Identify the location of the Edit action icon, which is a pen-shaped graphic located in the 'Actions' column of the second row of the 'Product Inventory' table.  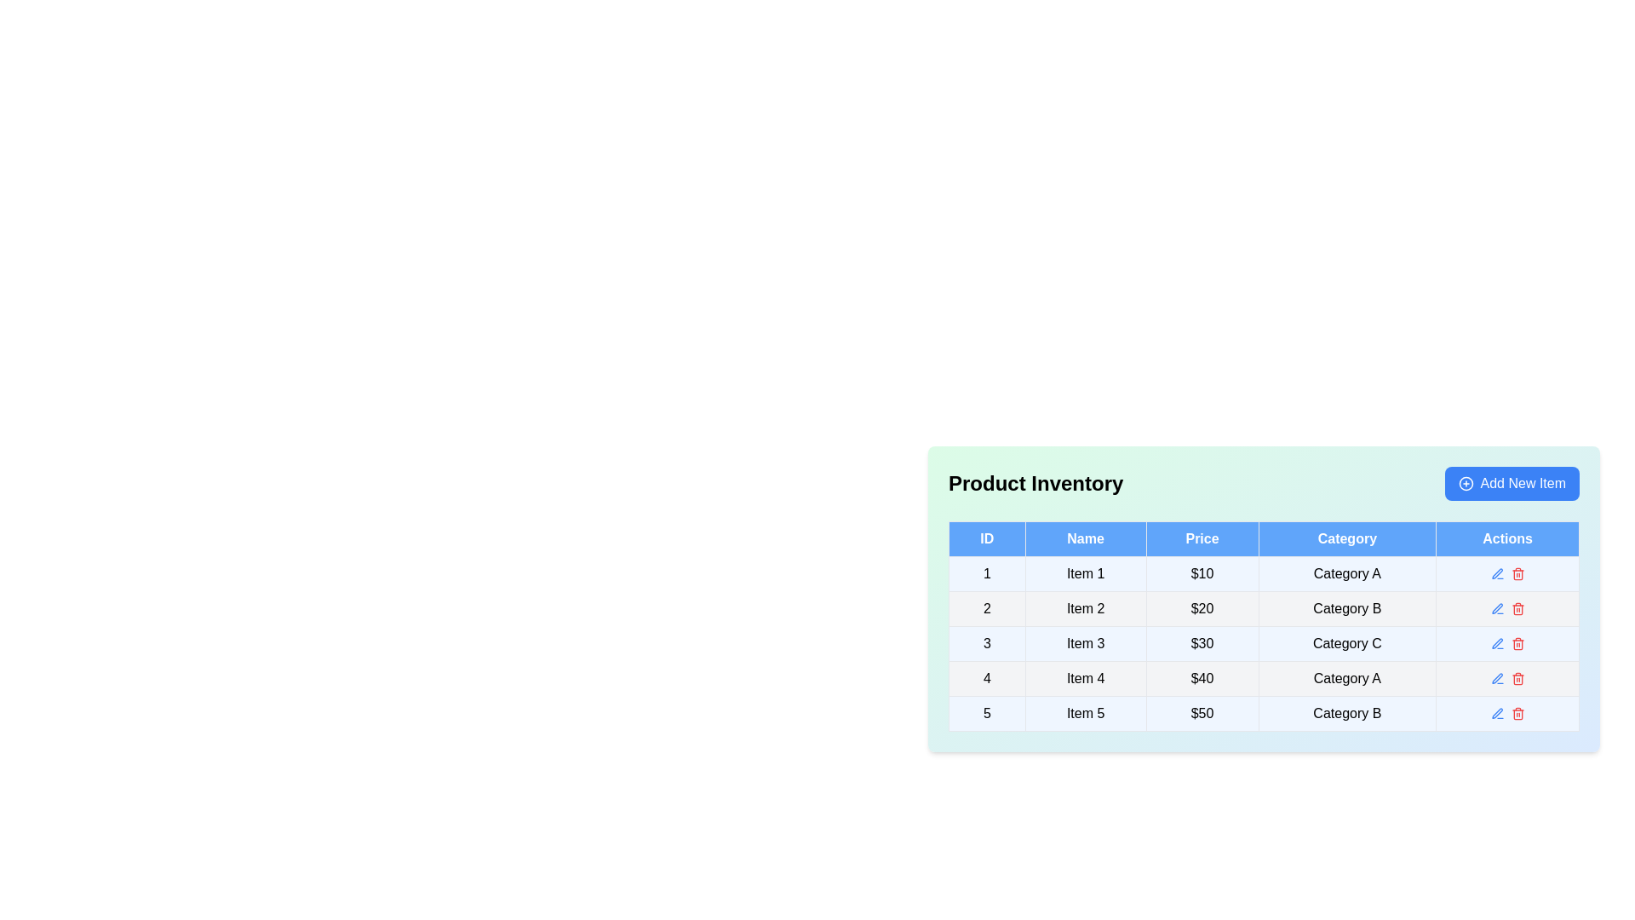
(1496, 607).